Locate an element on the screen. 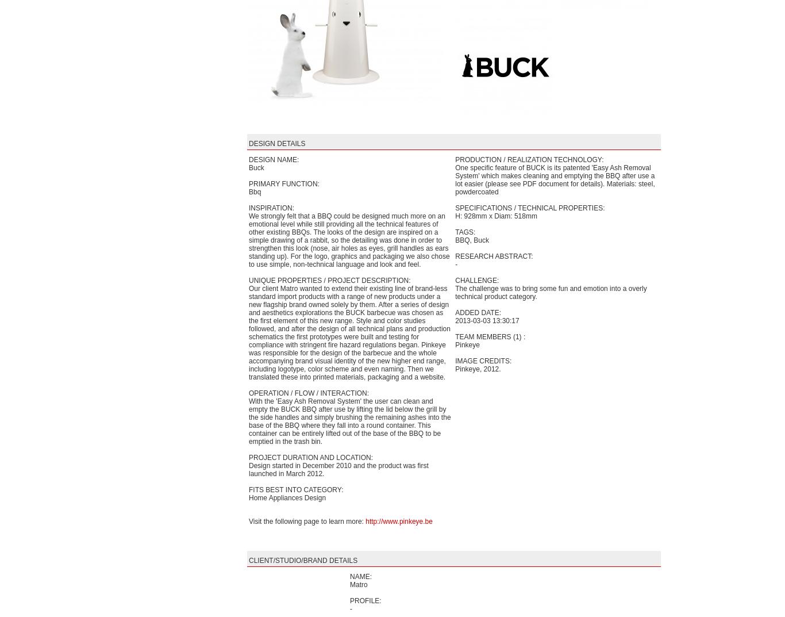  'INSPIRATION:' is located at coordinates (248, 208).